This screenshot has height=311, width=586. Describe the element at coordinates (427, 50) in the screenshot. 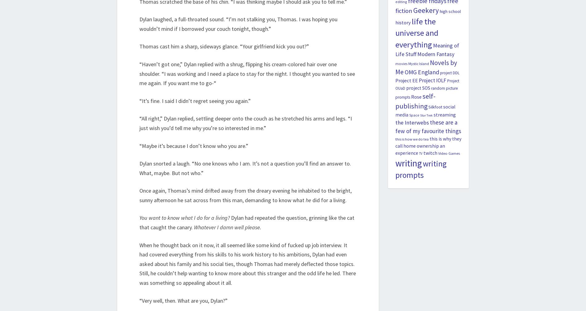

I see `'Meaning of Life Stuff'` at that location.